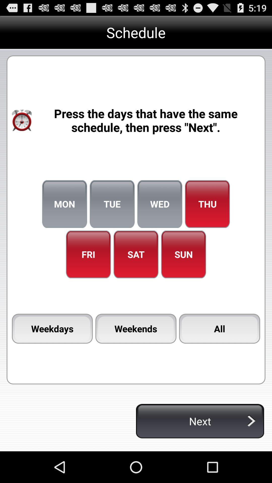 This screenshot has height=483, width=272. I want to click on item to the left of the wed item, so click(112, 204).